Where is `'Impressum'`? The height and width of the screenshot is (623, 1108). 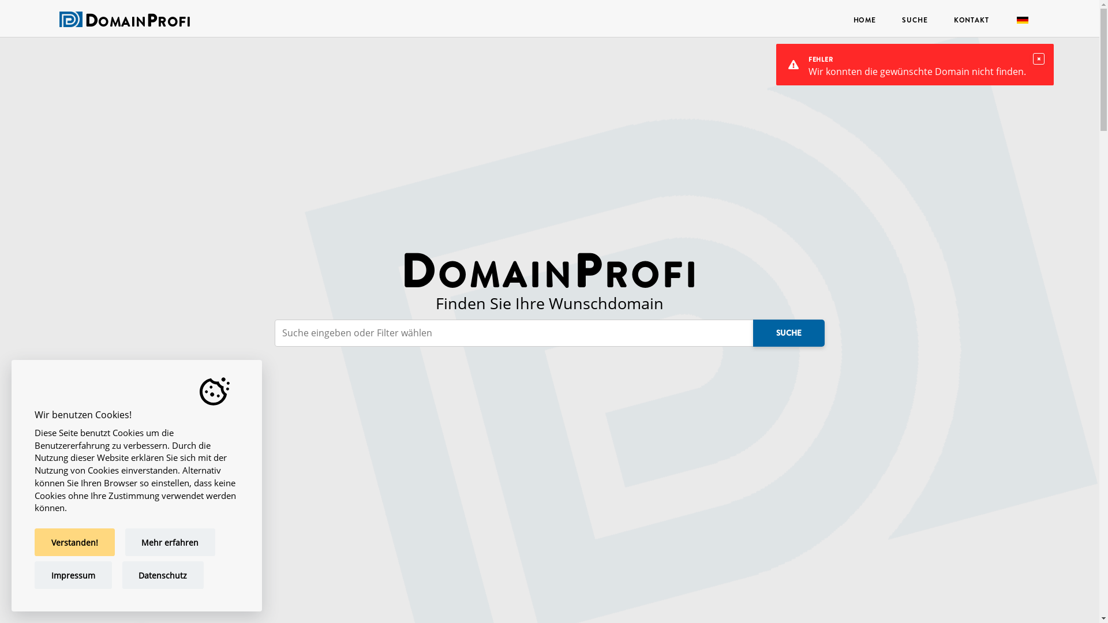
'Impressum' is located at coordinates (72, 575).